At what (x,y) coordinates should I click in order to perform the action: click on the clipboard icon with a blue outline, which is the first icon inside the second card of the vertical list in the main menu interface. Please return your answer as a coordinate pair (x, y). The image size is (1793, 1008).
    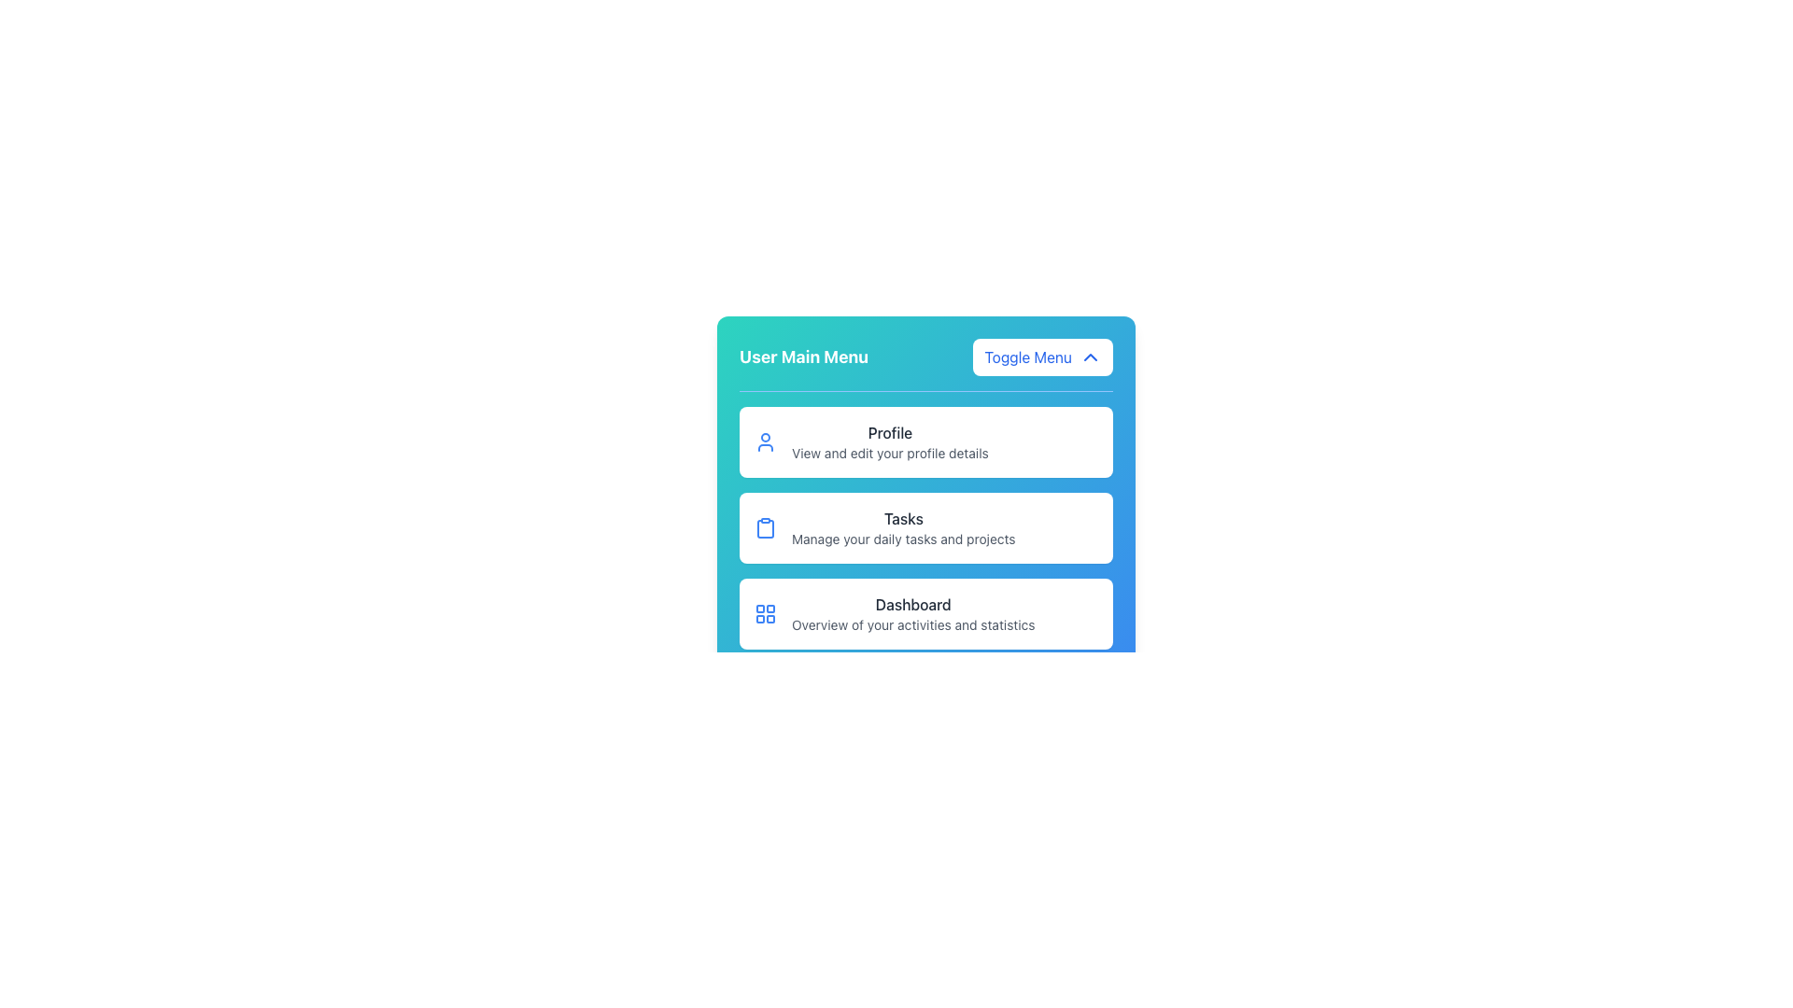
    Looking at the image, I should click on (766, 528).